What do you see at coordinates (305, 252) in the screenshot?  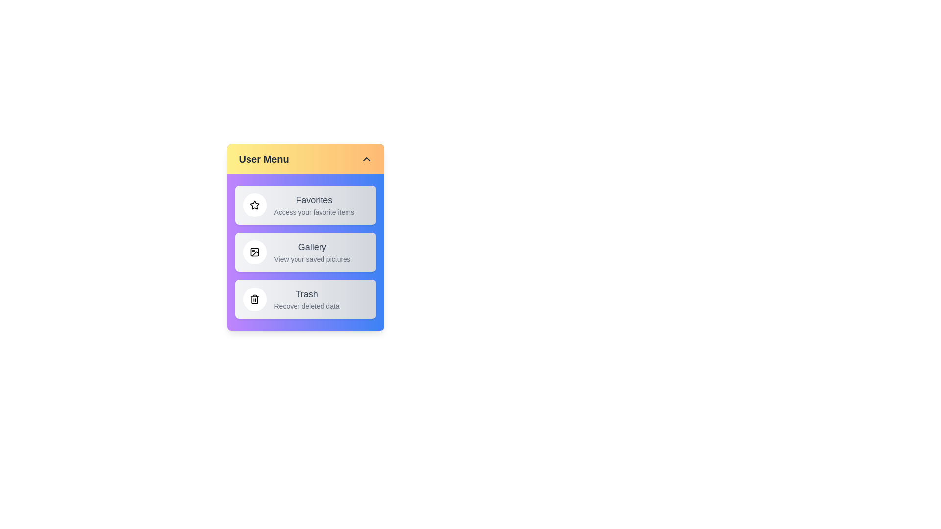 I see `the text of an item's title or description by selecting the item: Gallery` at bounding box center [305, 252].